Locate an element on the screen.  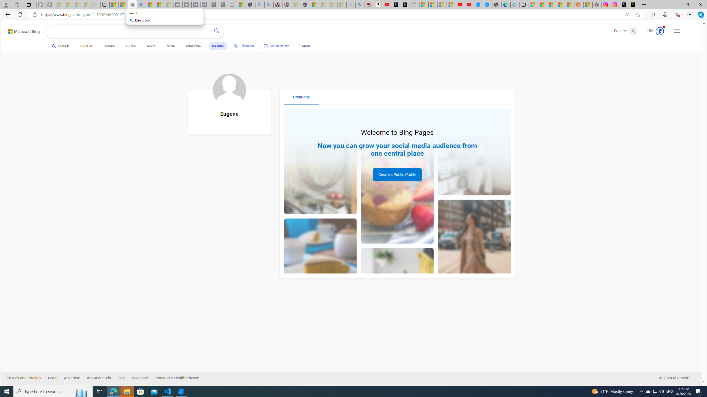
'SHOPPING' is located at coordinates (193, 46).